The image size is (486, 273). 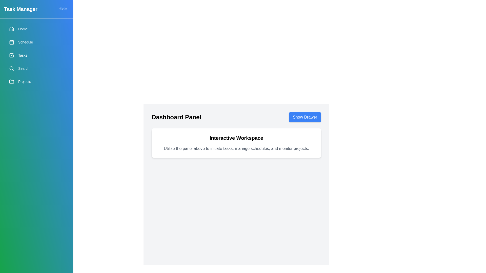 What do you see at coordinates (305, 117) in the screenshot?
I see `the 'Show Drawer' button to open the drawer` at bounding box center [305, 117].